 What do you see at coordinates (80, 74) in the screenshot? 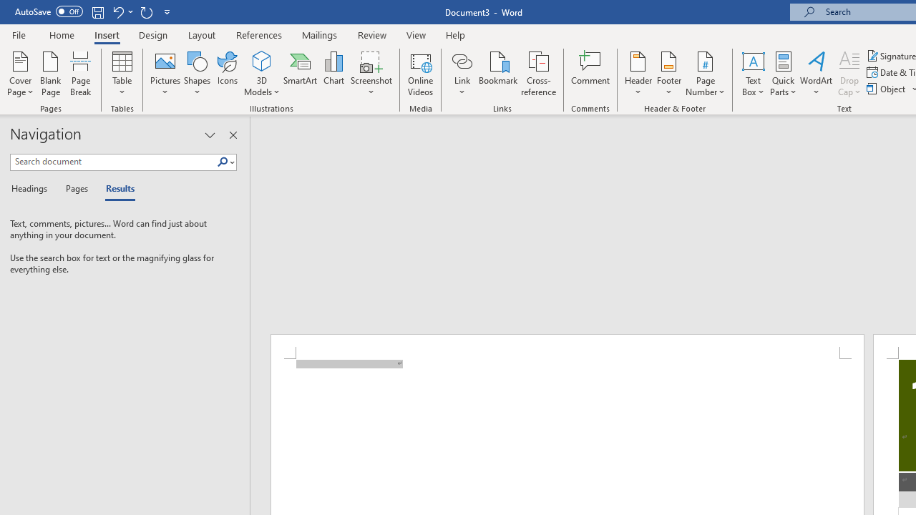
I see `'Page Break'` at bounding box center [80, 74].